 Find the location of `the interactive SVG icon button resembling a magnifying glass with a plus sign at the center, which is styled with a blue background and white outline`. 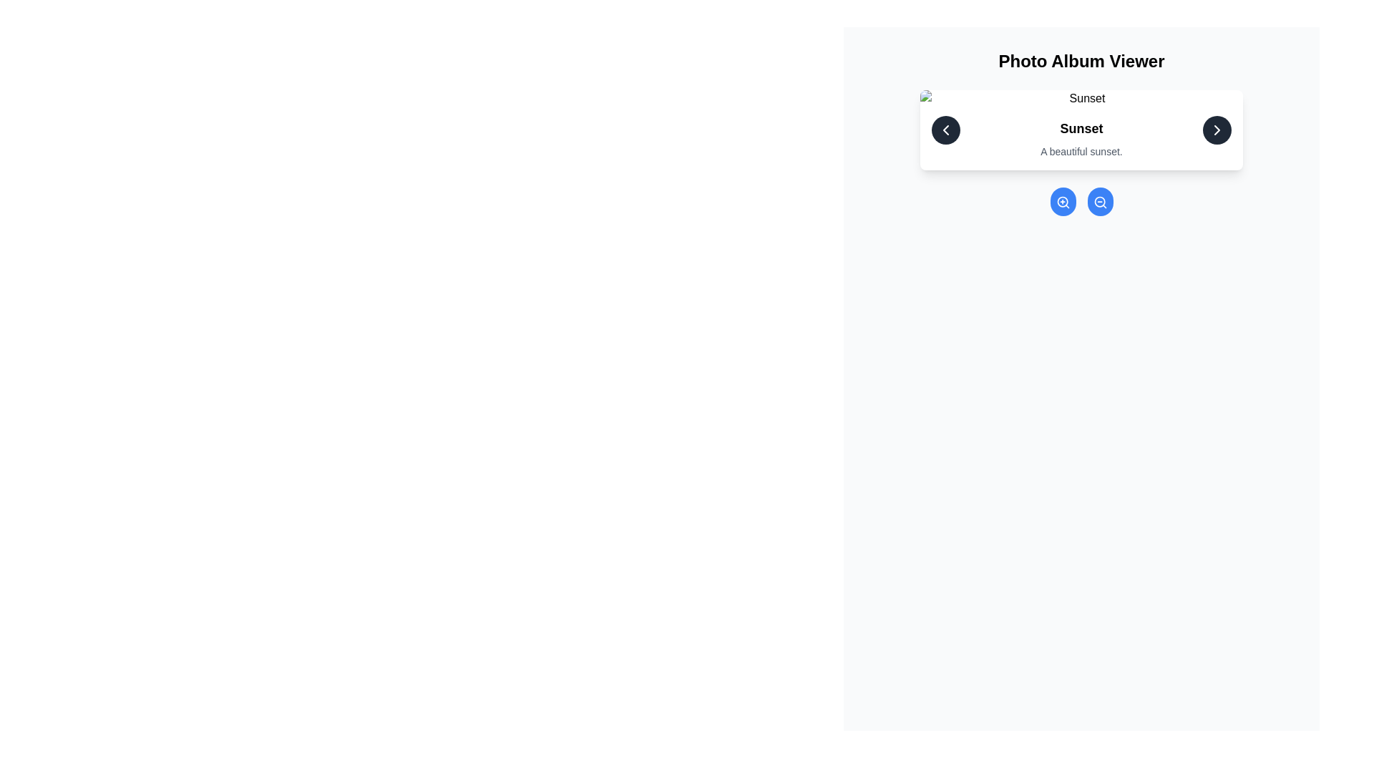

the interactive SVG icon button resembling a magnifying glass with a plus sign at the center, which is styled with a blue background and white outline is located at coordinates (1063, 202).